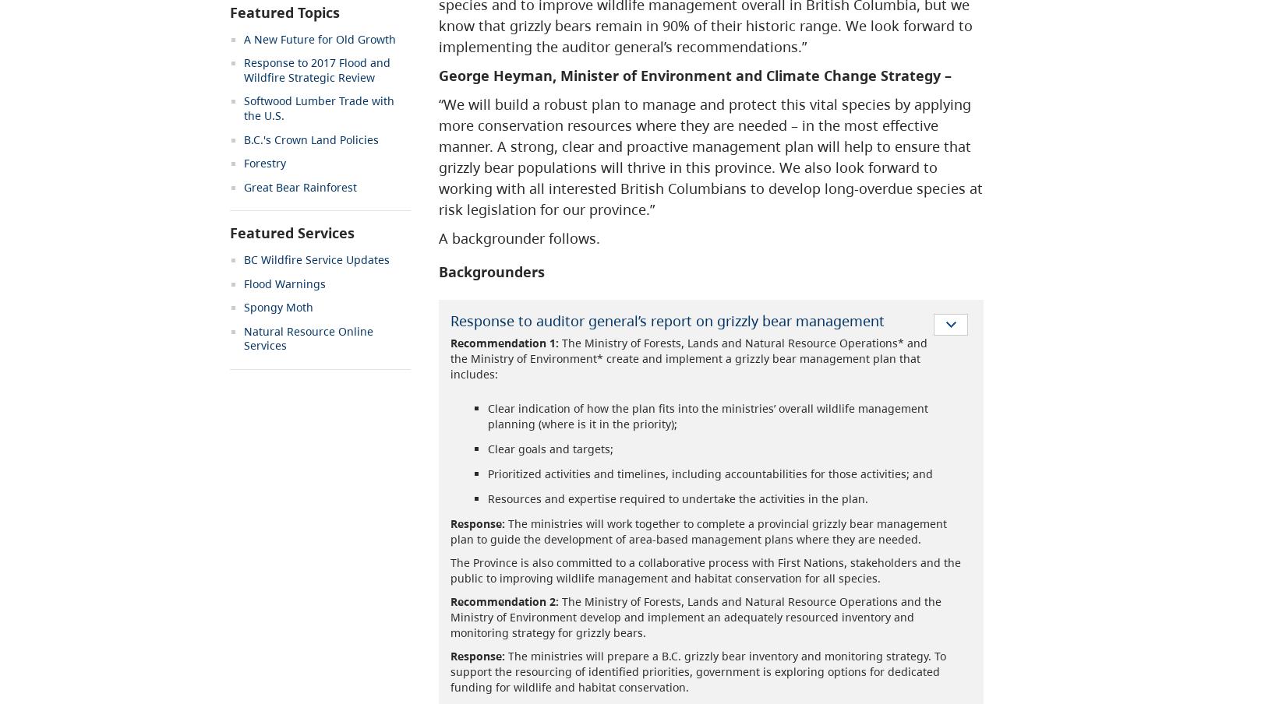 This screenshot has width=1286, height=704. What do you see at coordinates (666, 321) in the screenshot?
I see `'Response to auditor general’s report on grizzly bear management'` at bounding box center [666, 321].